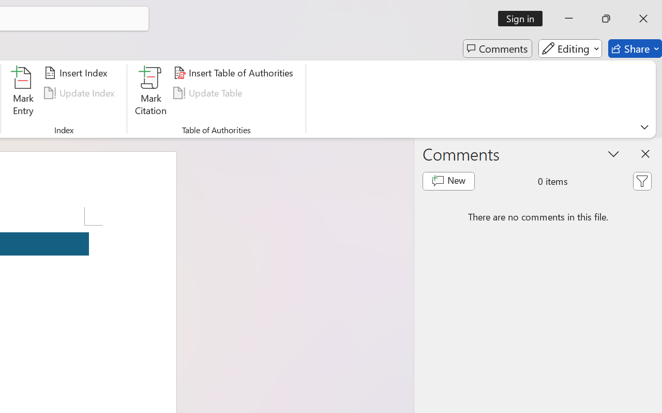  Describe the element at coordinates (448, 181) in the screenshot. I see `'New comment'` at that location.